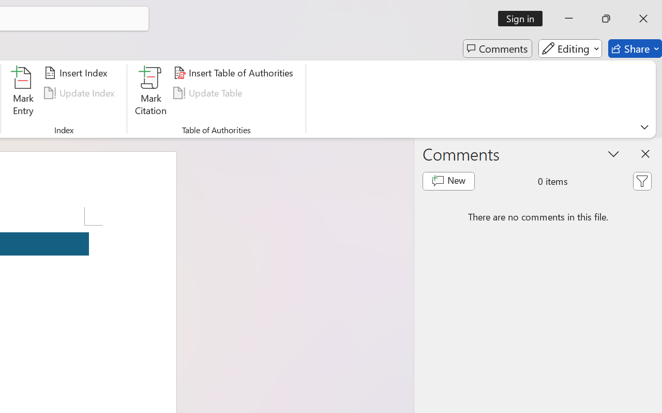  Describe the element at coordinates (448, 181) in the screenshot. I see `'New comment'` at that location.